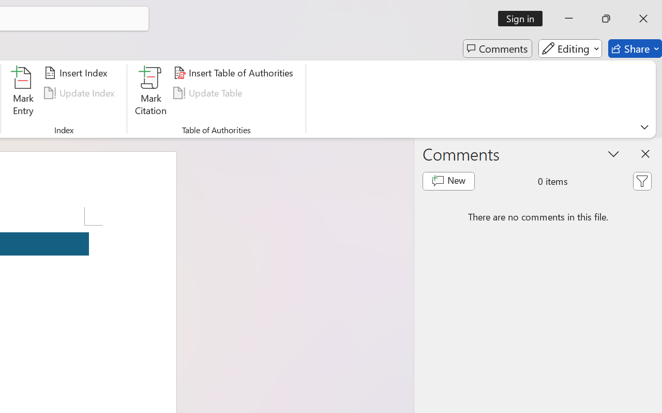  Describe the element at coordinates (448, 181) in the screenshot. I see `'New comment'` at that location.